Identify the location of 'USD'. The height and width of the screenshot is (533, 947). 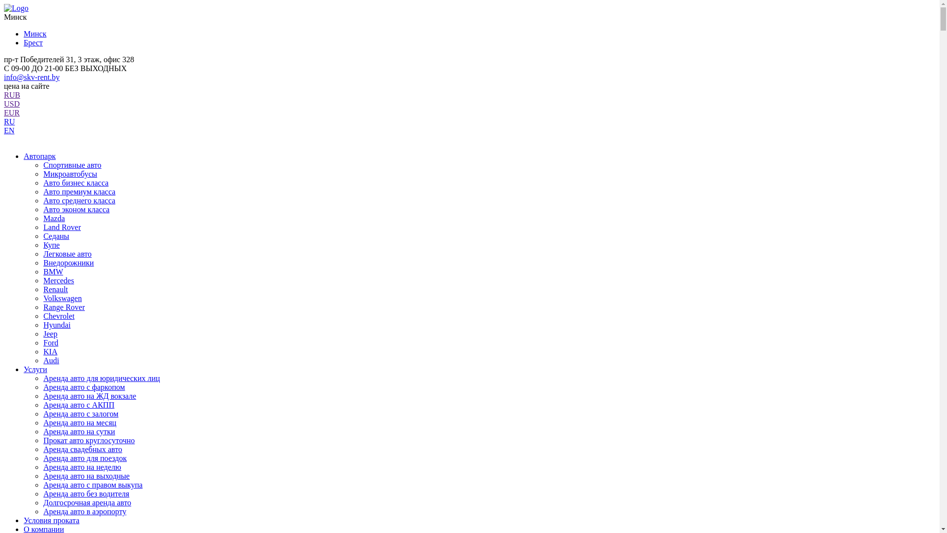
(4, 104).